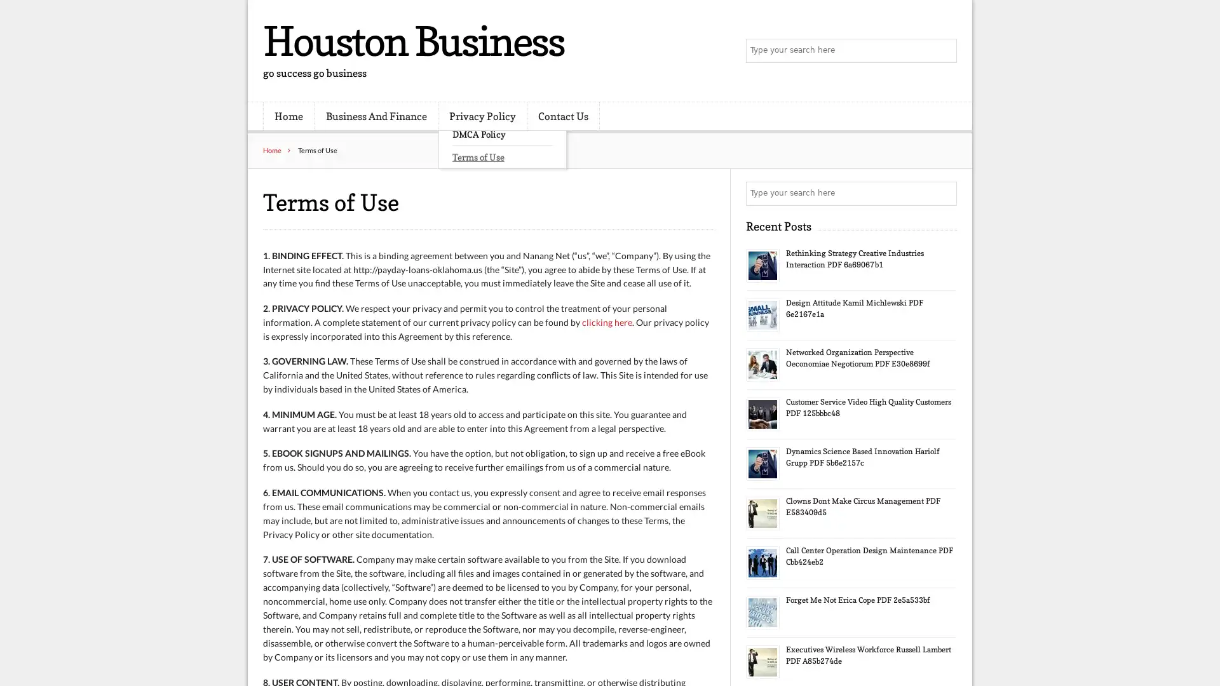 This screenshot has width=1220, height=686. Describe the element at coordinates (944, 193) in the screenshot. I see `Search` at that location.